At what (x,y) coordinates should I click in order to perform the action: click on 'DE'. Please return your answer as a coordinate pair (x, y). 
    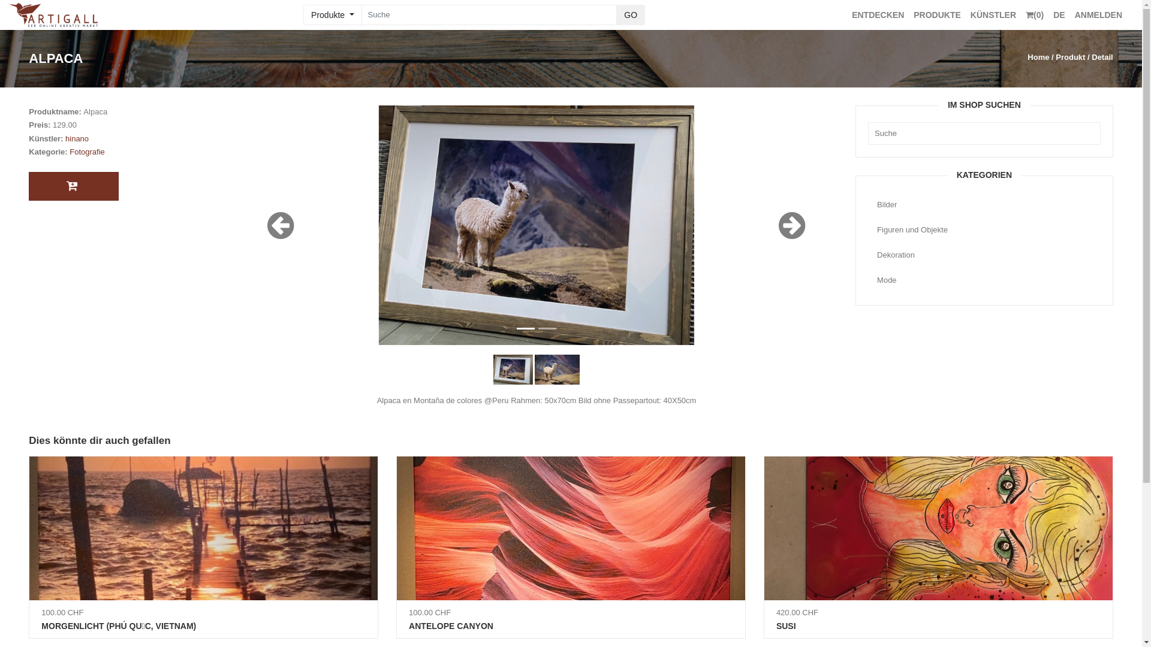
    Looking at the image, I should click on (1059, 14).